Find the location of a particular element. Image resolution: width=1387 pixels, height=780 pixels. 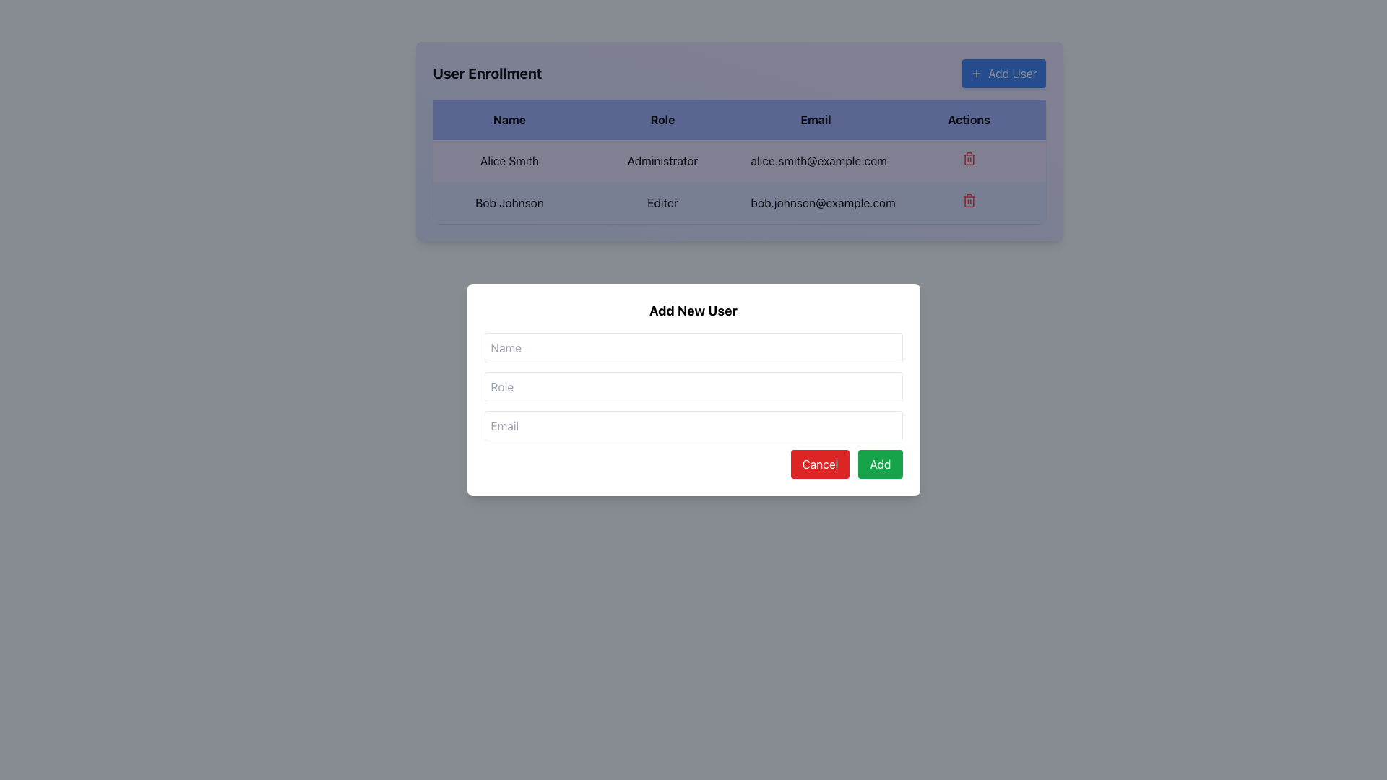

the red 'Cancel' button located in the modal dialog box is located at coordinates (820, 464).